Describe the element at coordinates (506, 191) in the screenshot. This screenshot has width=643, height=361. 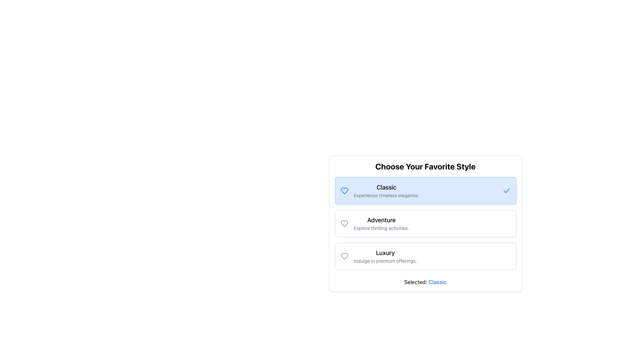
I see `the blue checkmark icon located at the top-right corner of the highlighted 'Classic' option card to confirm selection status` at that location.